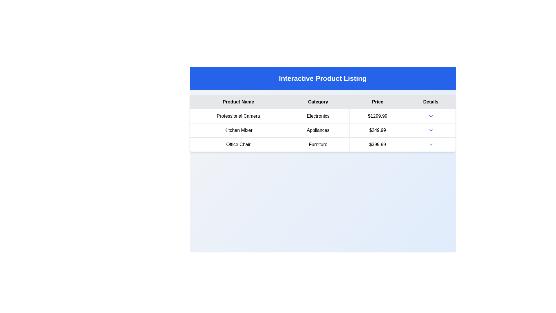  What do you see at coordinates (378, 116) in the screenshot?
I see `price displayed in the static text label showing '$1299.99' within the 'Price' column of the product 'Professional Camera'` at bounding box center [378, 116].